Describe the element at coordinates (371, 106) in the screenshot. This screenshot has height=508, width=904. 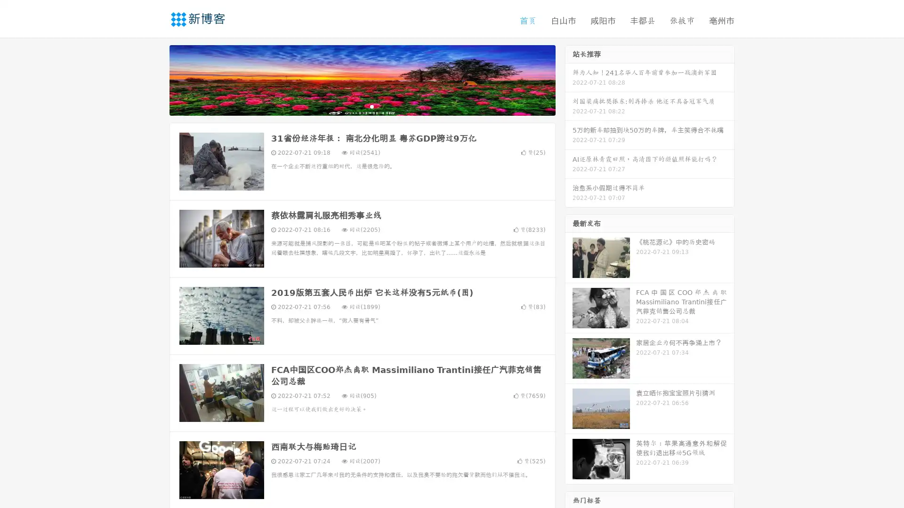
I see `Go to slide 3` at that location.